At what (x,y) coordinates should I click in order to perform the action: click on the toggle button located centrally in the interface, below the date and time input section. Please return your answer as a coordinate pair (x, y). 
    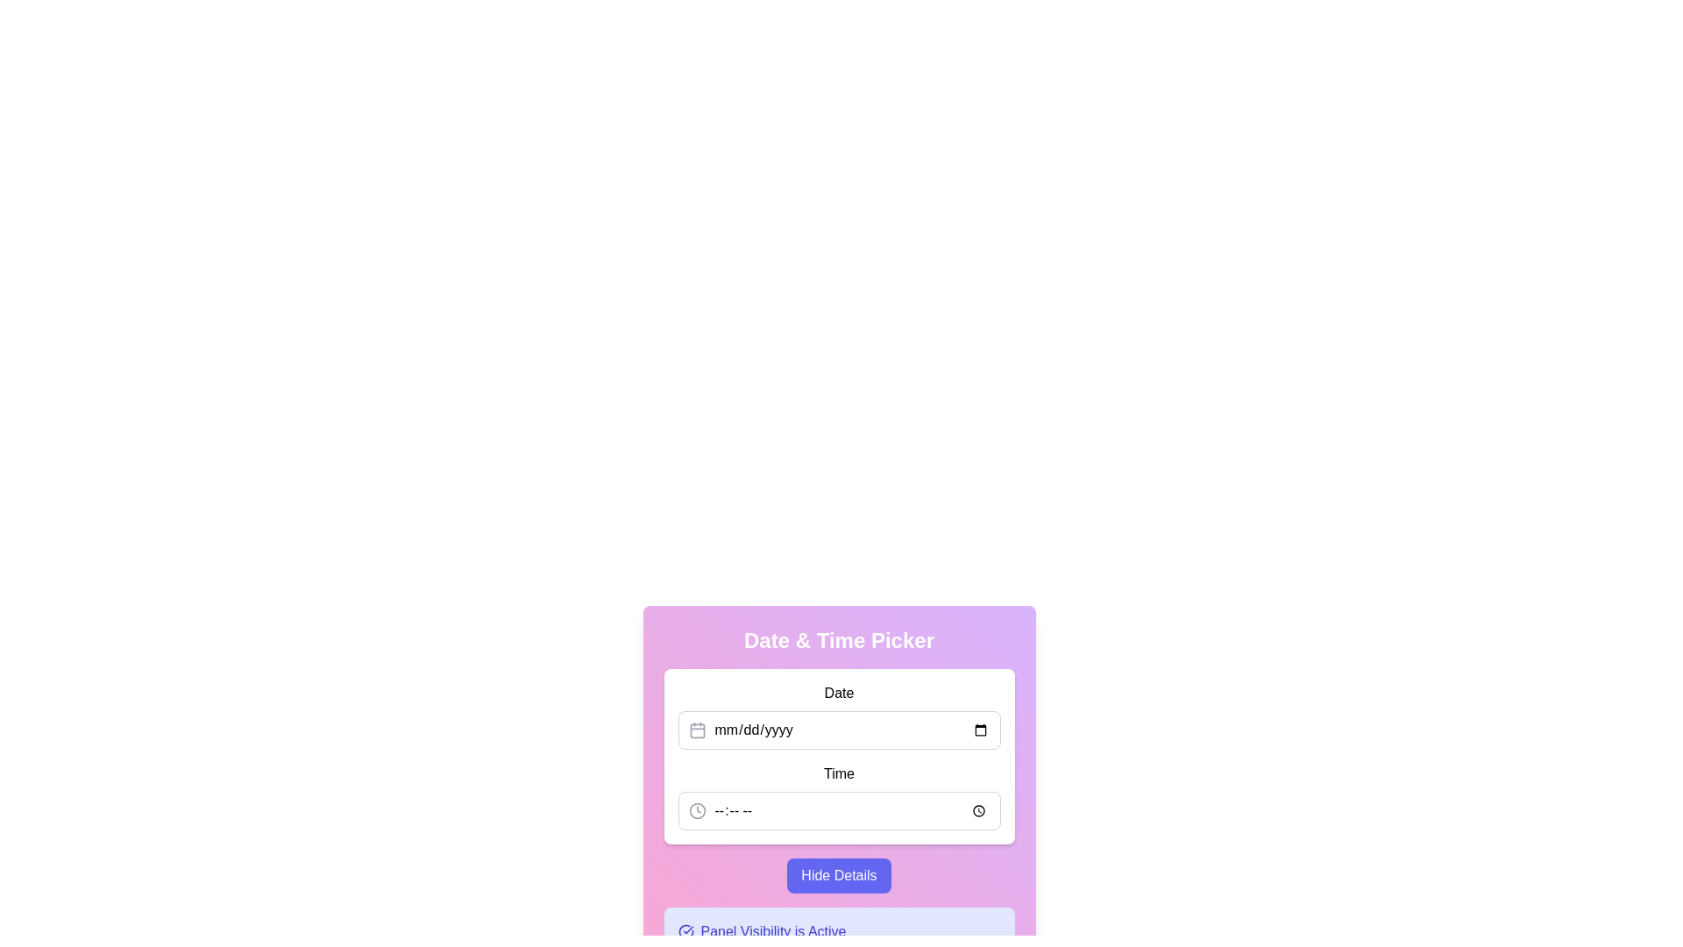
    Looking at the image, I should click on (838, 876).